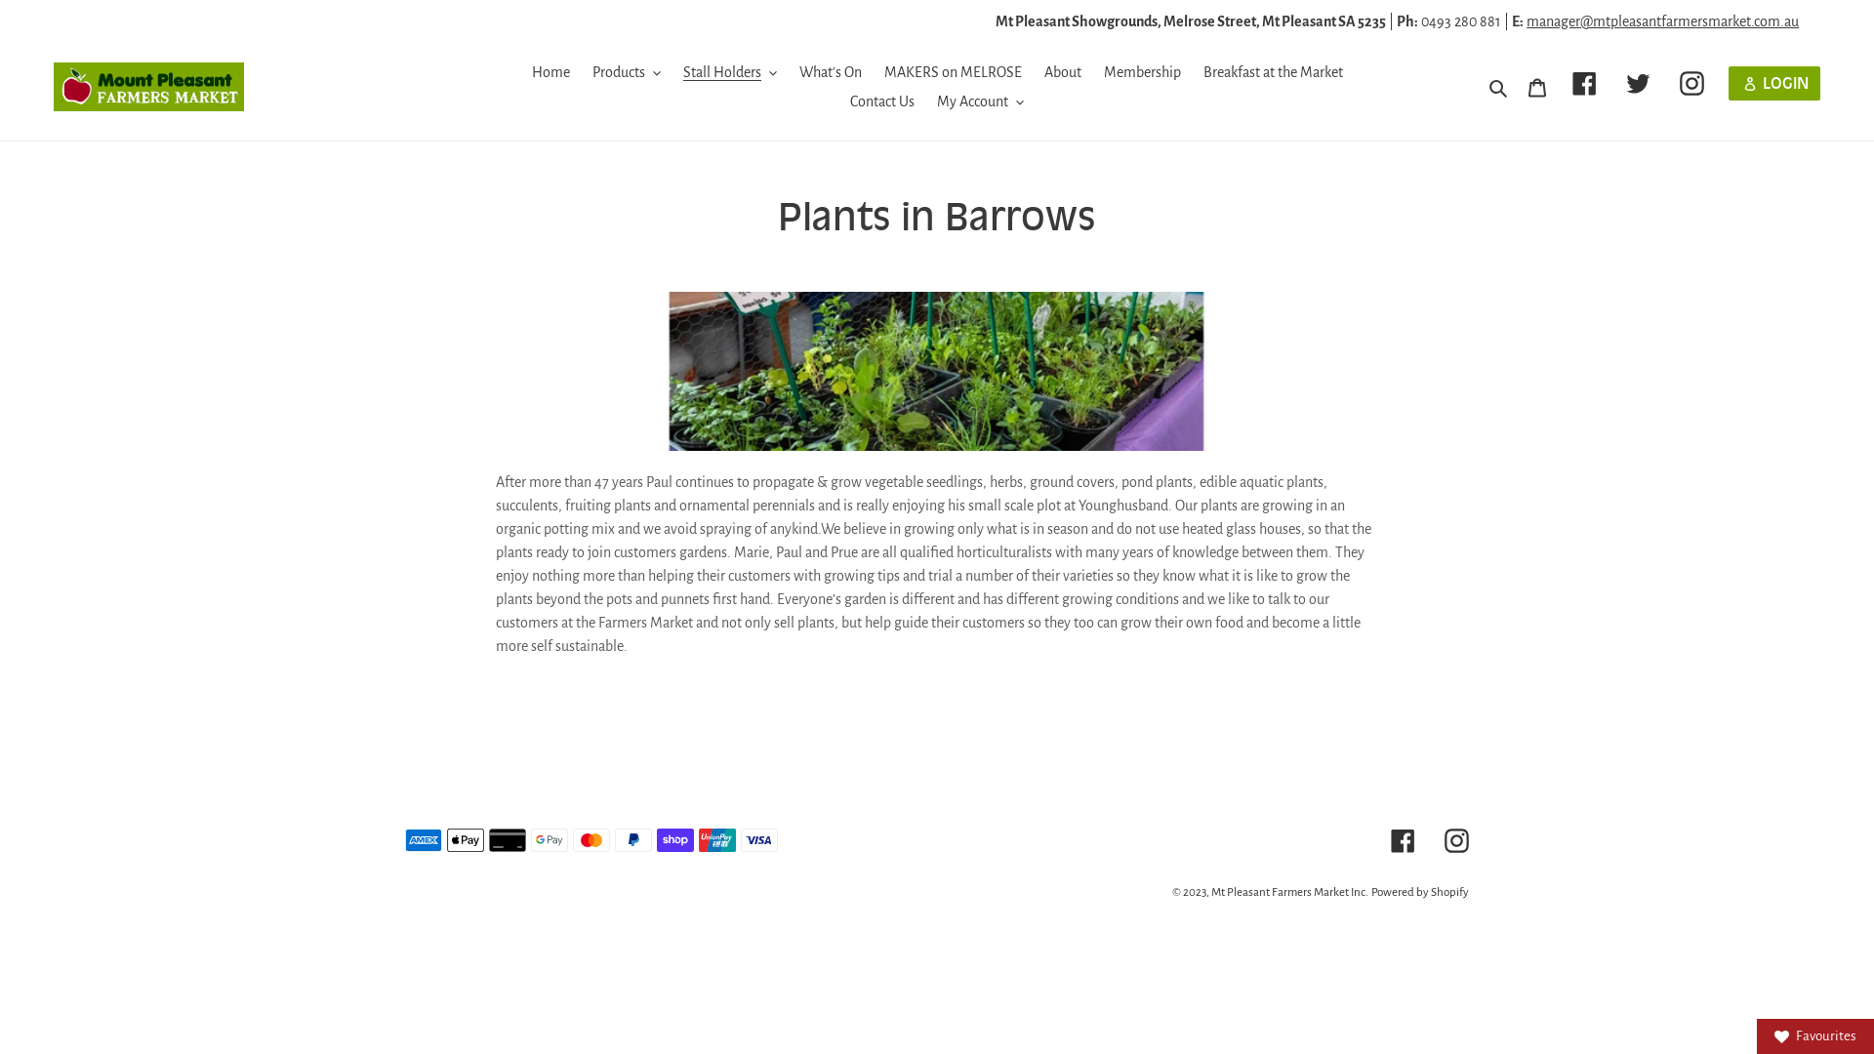 The width and height of the screenshot is (1874, 1054). What do you see at coordinates (1584, 82) in the screenshot?
I see `'Facebook'` at bounding box center [1584, 82].